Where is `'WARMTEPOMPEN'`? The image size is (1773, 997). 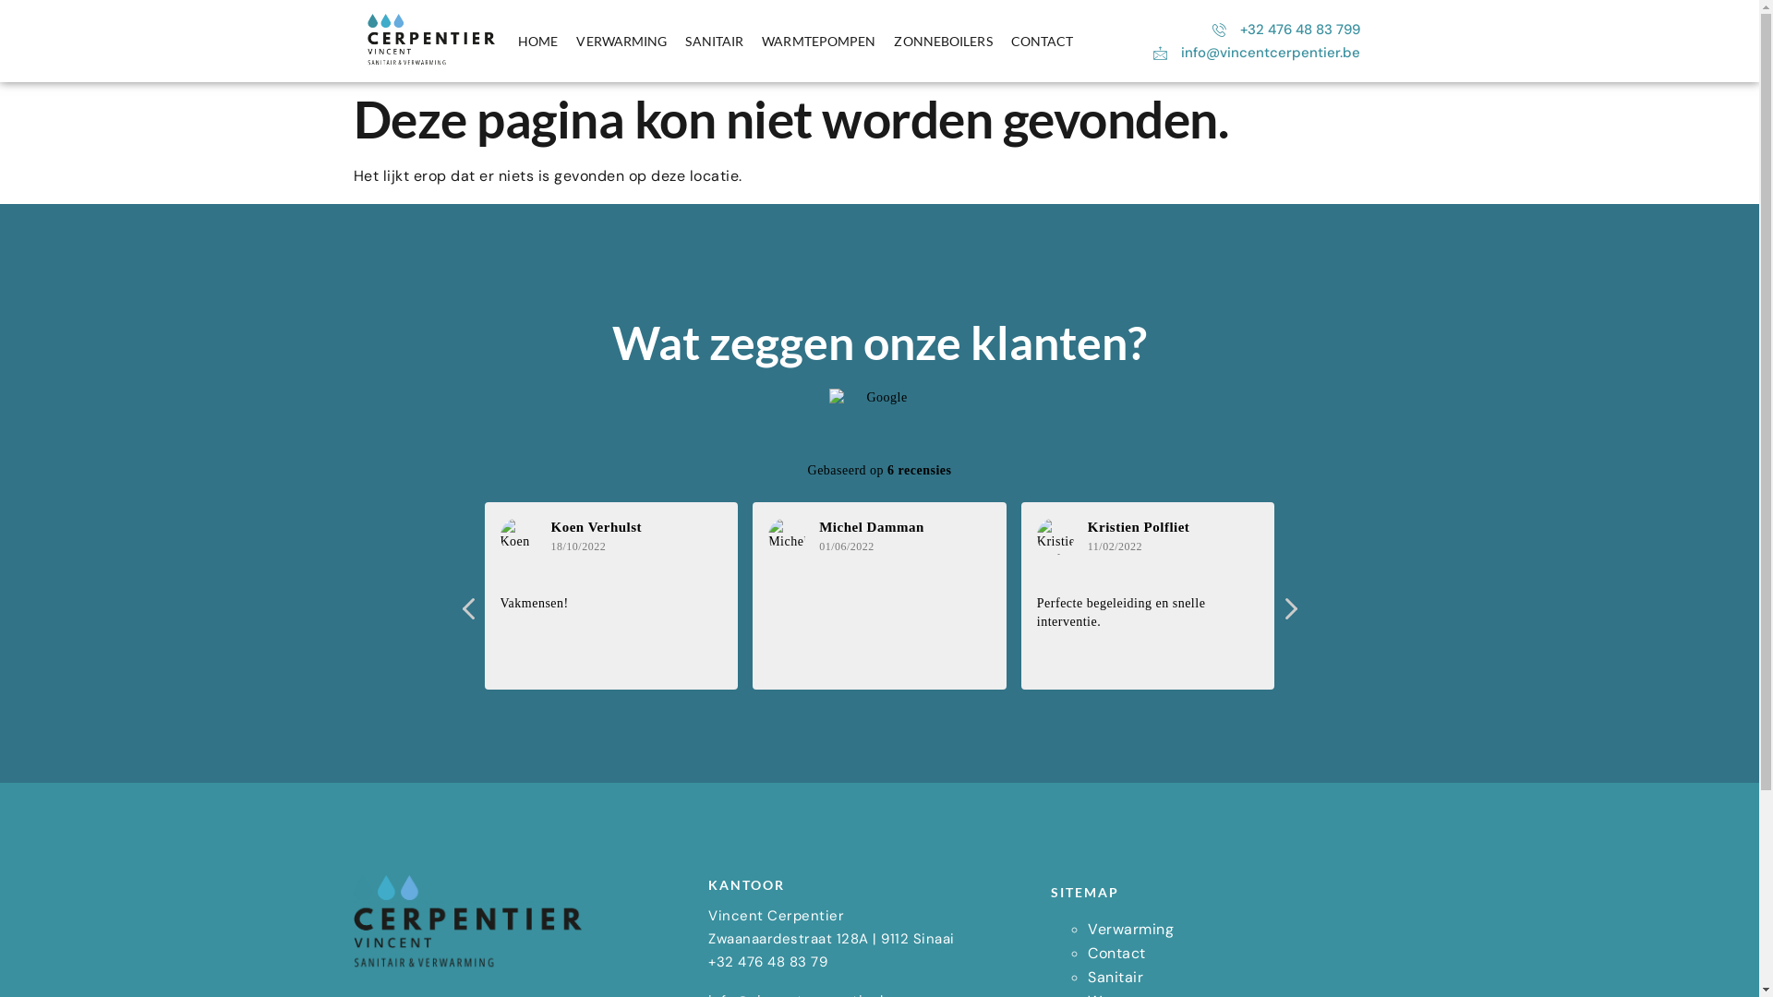
'WARMTEPOMPEN' is located at coordinates (817, 42).